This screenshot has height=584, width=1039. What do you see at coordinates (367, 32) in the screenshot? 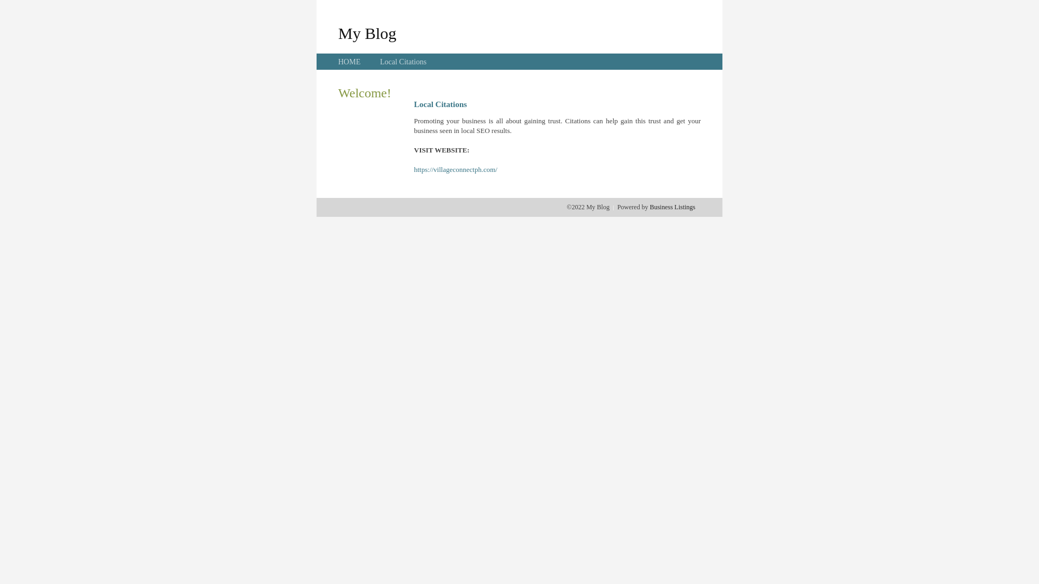
I see `'My Blog'` at bounding box center [367, 32].